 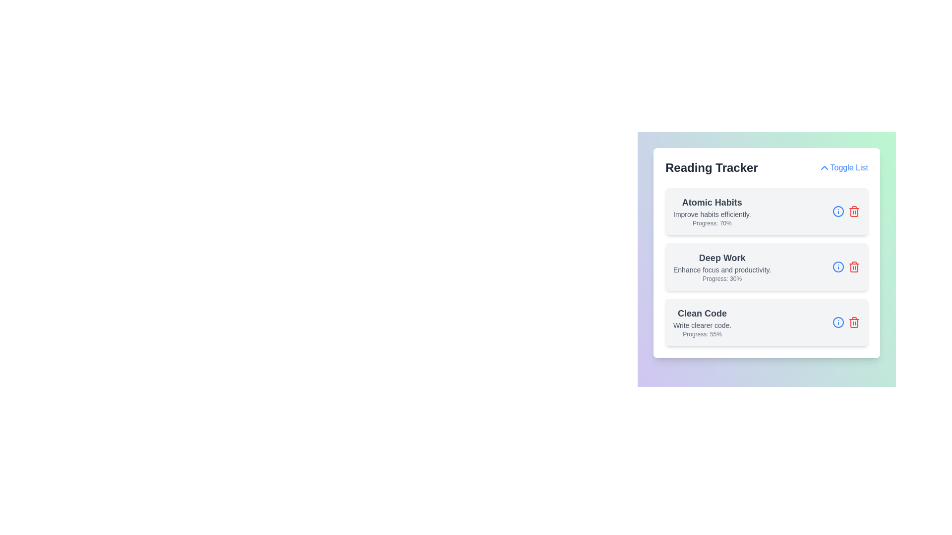 I want to click on the text element that provides additional information about the 'Clean Code' item, positioned below the heading 'Clean Code' and above the progress indication text 'Progress: 55%.', so click(x=702, y=325).